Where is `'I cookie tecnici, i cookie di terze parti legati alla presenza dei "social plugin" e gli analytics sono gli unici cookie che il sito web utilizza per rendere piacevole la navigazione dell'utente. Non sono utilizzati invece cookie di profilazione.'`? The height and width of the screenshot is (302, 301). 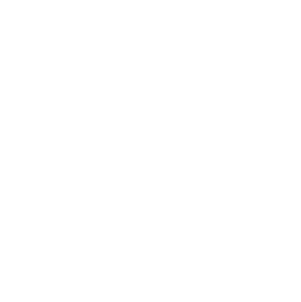
'I cookie tecnici, i cookie di terze parti legati alla presenza dei "social plugin" e gli analytics sono gli unici cookie che il sito web utilizza per rendere piacevole la navigazione dell'utente. Non sono utilizzati invece cookie di profilazione.' is located at coordinates (75, 63).